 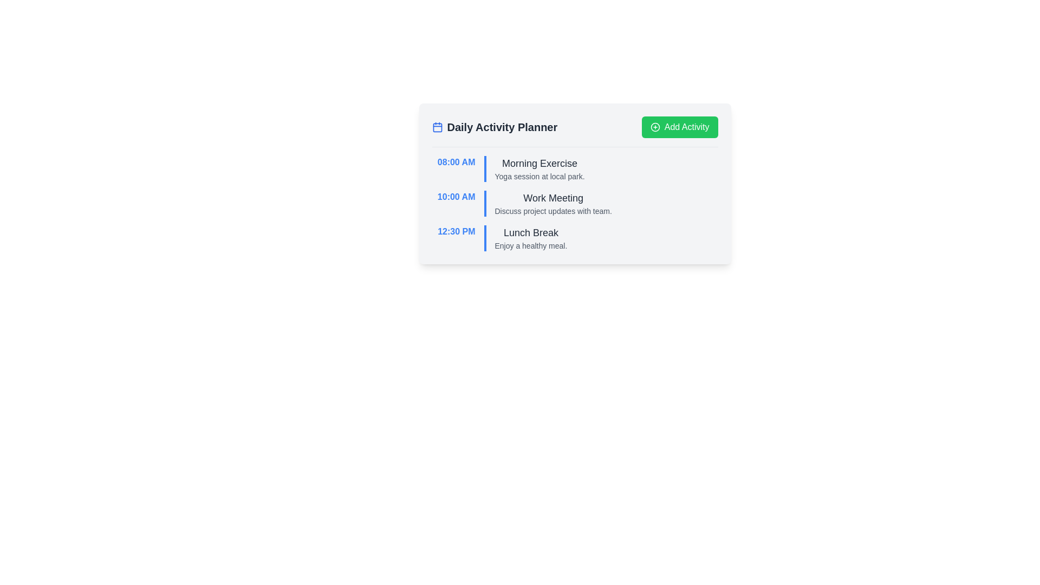 I want to click on the Text Content element titled 'Work Meeting' which describes 'Discuss project updates with team.' located in the Daily Activity Planner list, so click(x=548, y=203).